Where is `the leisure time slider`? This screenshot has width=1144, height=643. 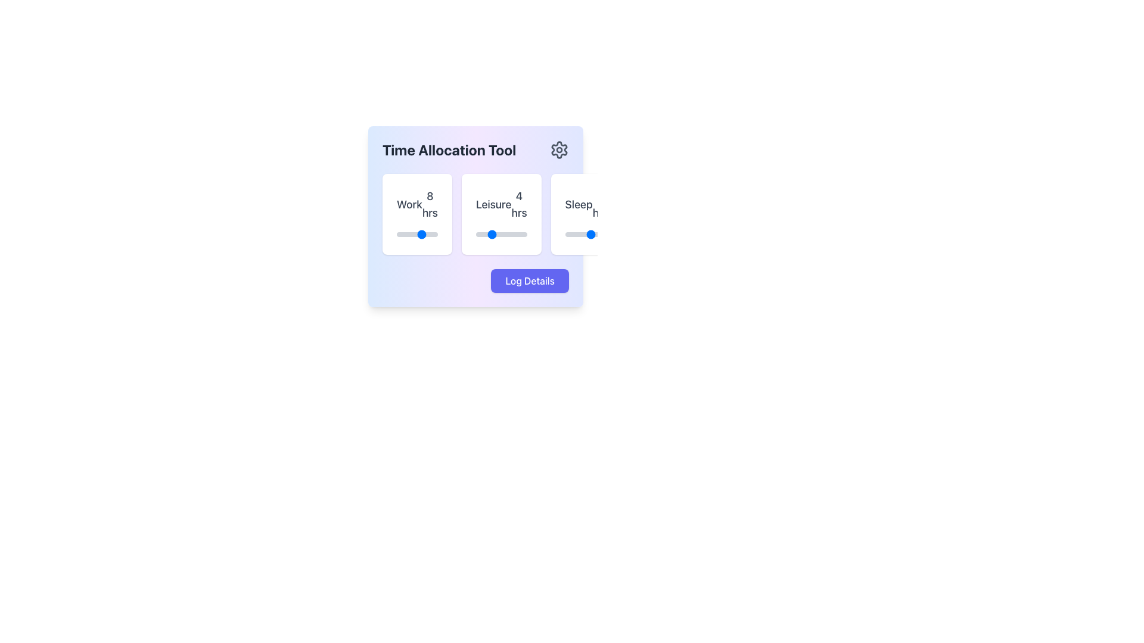 the leisure time slider is located at coordinates (499, 234).